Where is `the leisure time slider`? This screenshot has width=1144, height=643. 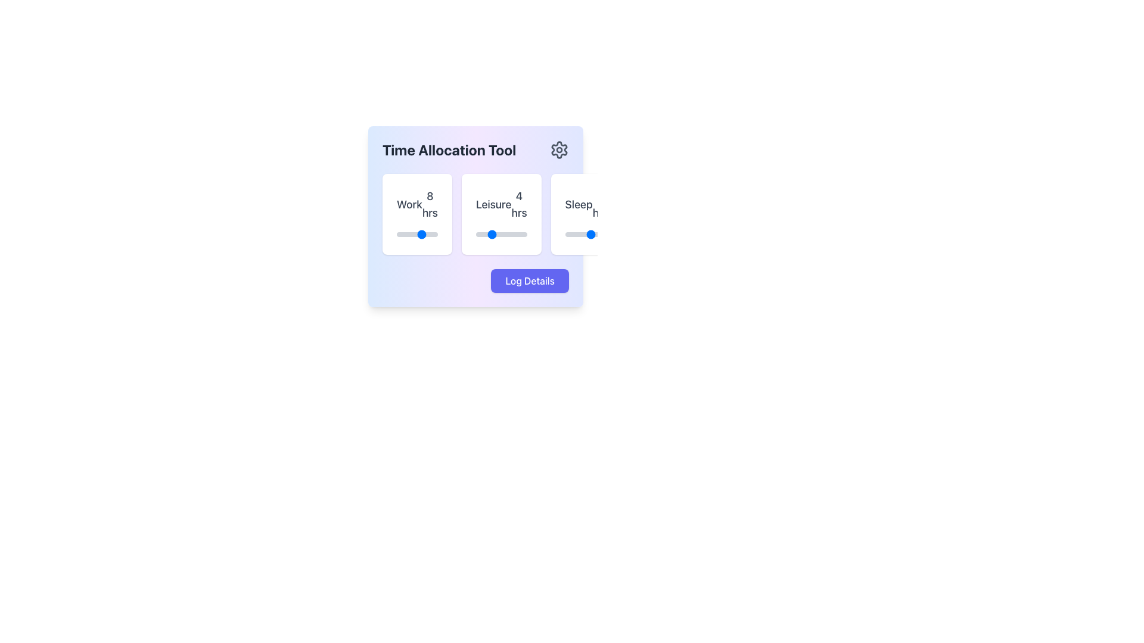 the leisure time slider is located at coordinates (499, 234).